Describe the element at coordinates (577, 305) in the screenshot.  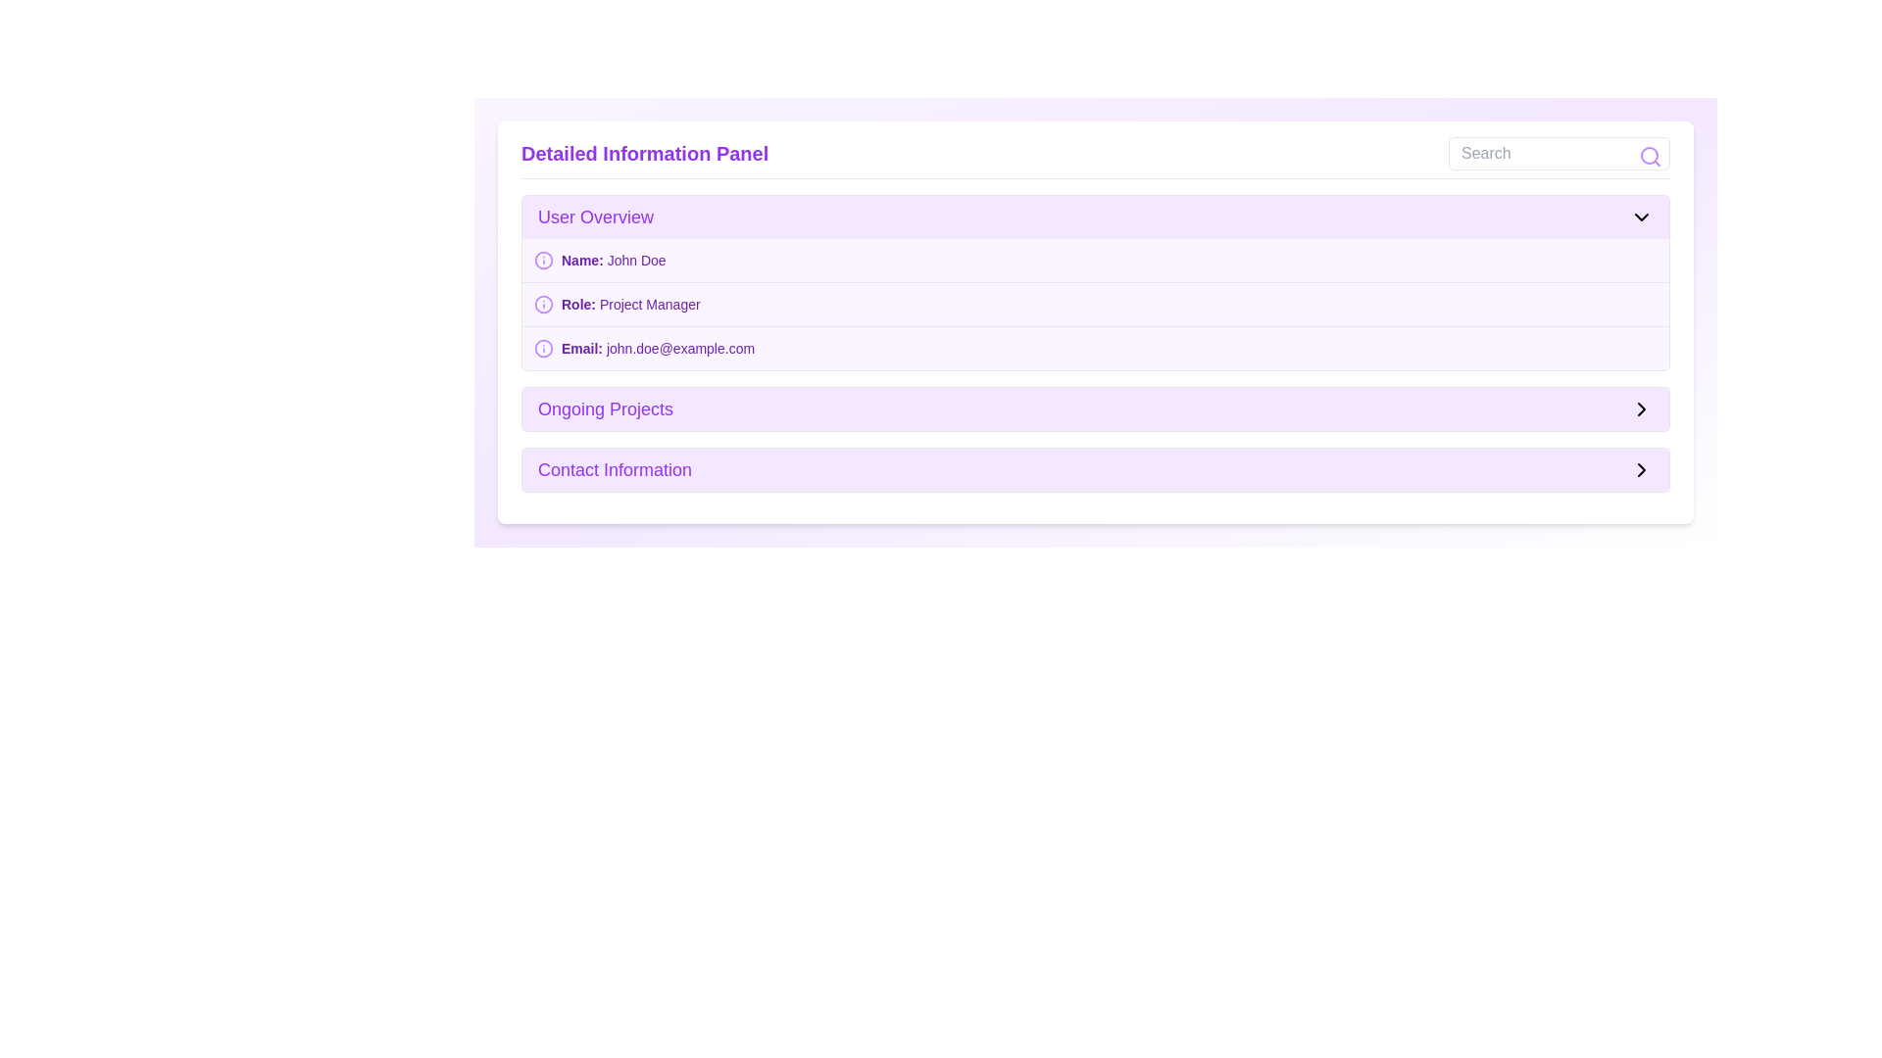
I see `the 'Role: Project Manager' text label in the 'User Overview' section, which is located between an icon on the left and the text 'Project Manager' on the right` at that location.